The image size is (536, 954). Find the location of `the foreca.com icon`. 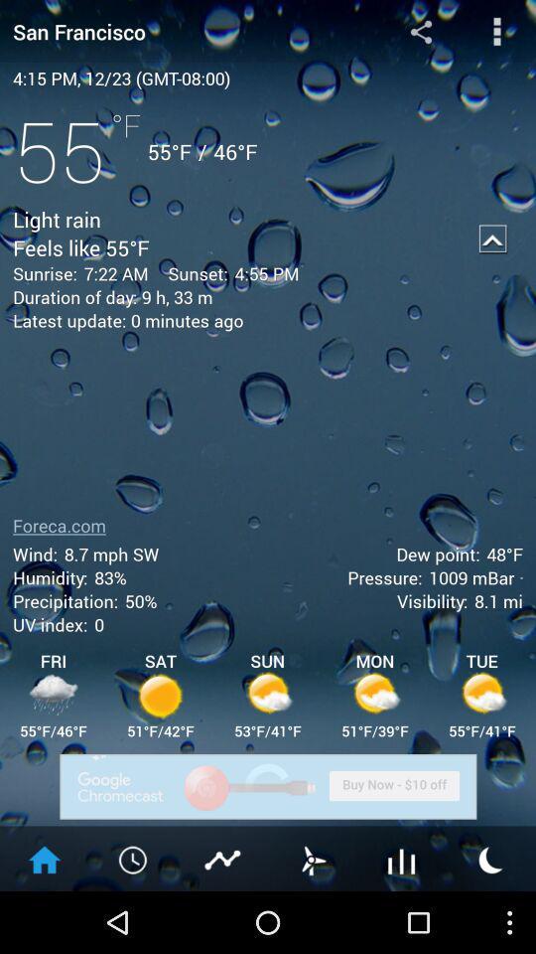

the foreca.com icon is located at coordinates (59, 524).